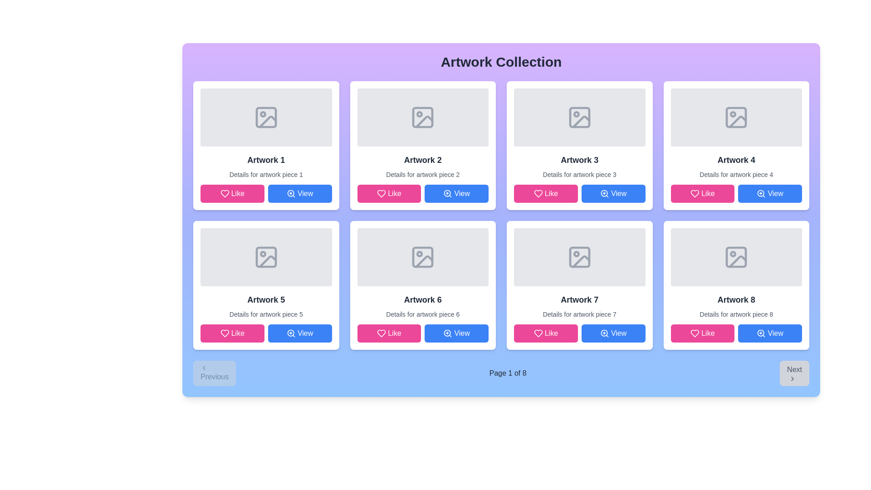 Image resolution: width=871 pixels, height=490 pixels. What do you see at coordinates (579, 257) in the screenshot?
I see `the small rectangular graphical icon component with rounded corners, which is part of the image placeholder for 'Artwork 7' located in the bottom row of the artwork grid` at bounding box center [579, 257].